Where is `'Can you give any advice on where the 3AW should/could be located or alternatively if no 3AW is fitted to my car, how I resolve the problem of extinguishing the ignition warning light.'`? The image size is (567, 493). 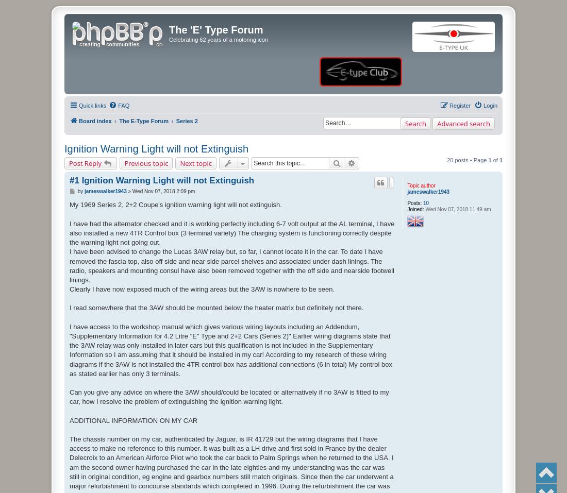 'Can you give any advice on where the 3AW should/could be located or alternatively if no 3AW is fitted to my car, how I resolve the problem of extinguishing the ignition warning light.' is located at coordinates (228, 396).